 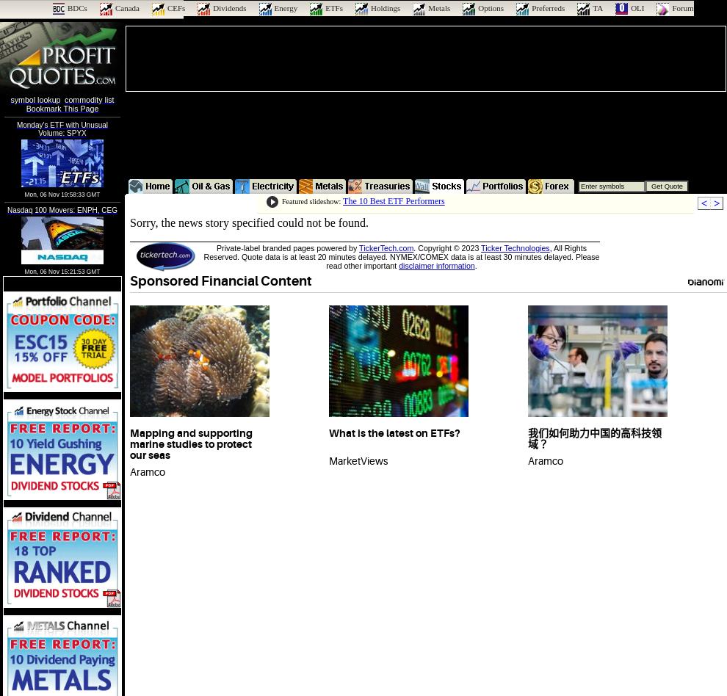 What do you see at coordinates (681, 7) in the screenshot?
I see `'Forum'` at bounding box center [681, 7].